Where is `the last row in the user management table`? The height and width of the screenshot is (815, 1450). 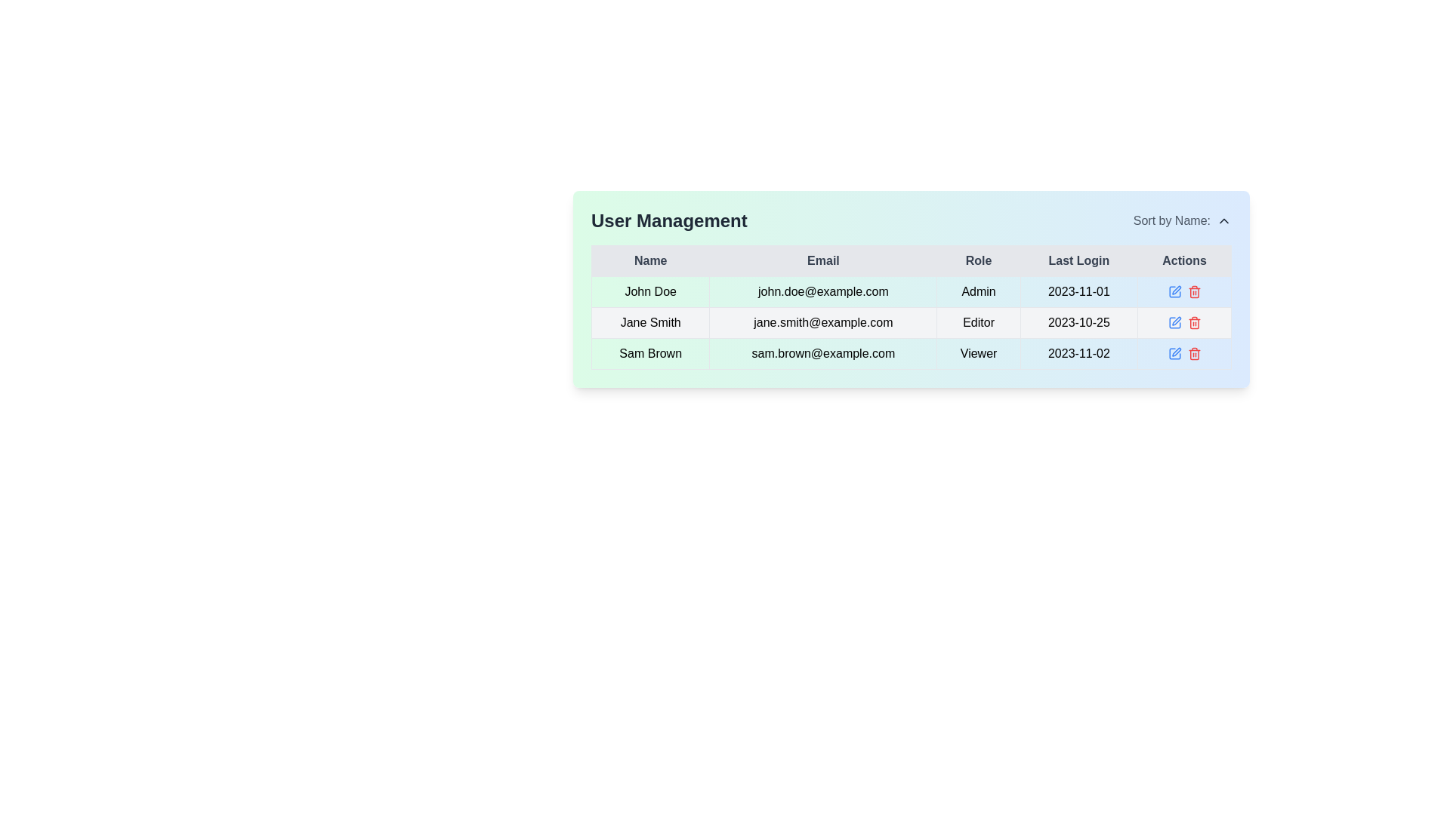
the last row in the user management table is located at coordinates (910, 354).